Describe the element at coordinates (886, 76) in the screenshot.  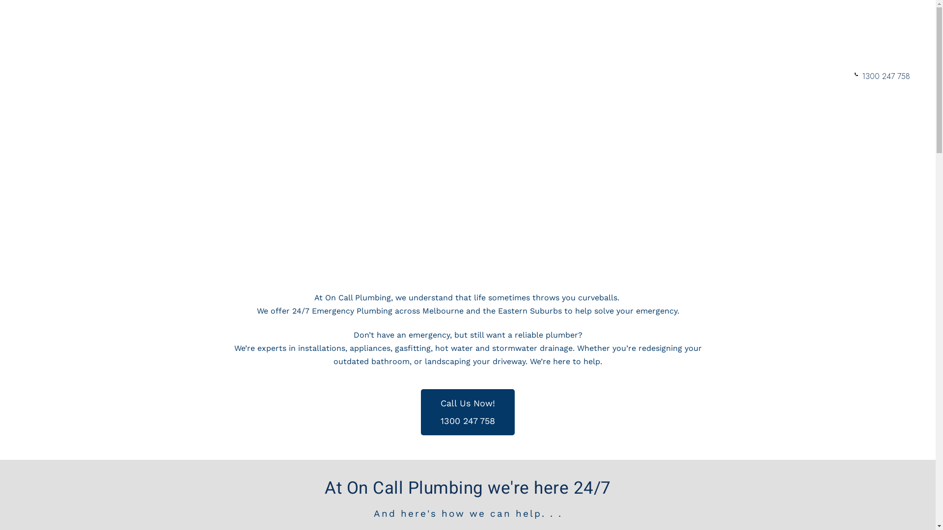
I see `'1300 247 758'` at that location.